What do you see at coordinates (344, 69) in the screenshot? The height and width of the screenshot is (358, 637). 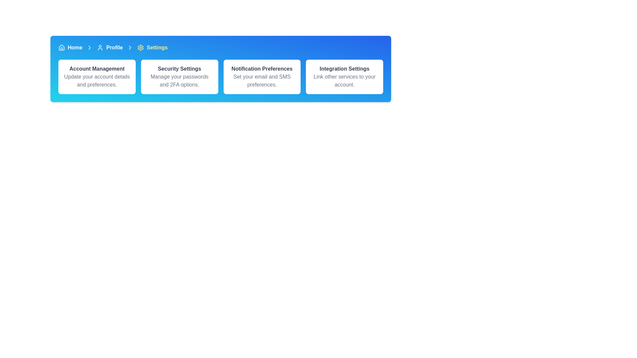 I see `the 'Integration Settings' text label, which is the top text in the rightmost box of a grid containing four boxes` at bounding box center [344, 69].